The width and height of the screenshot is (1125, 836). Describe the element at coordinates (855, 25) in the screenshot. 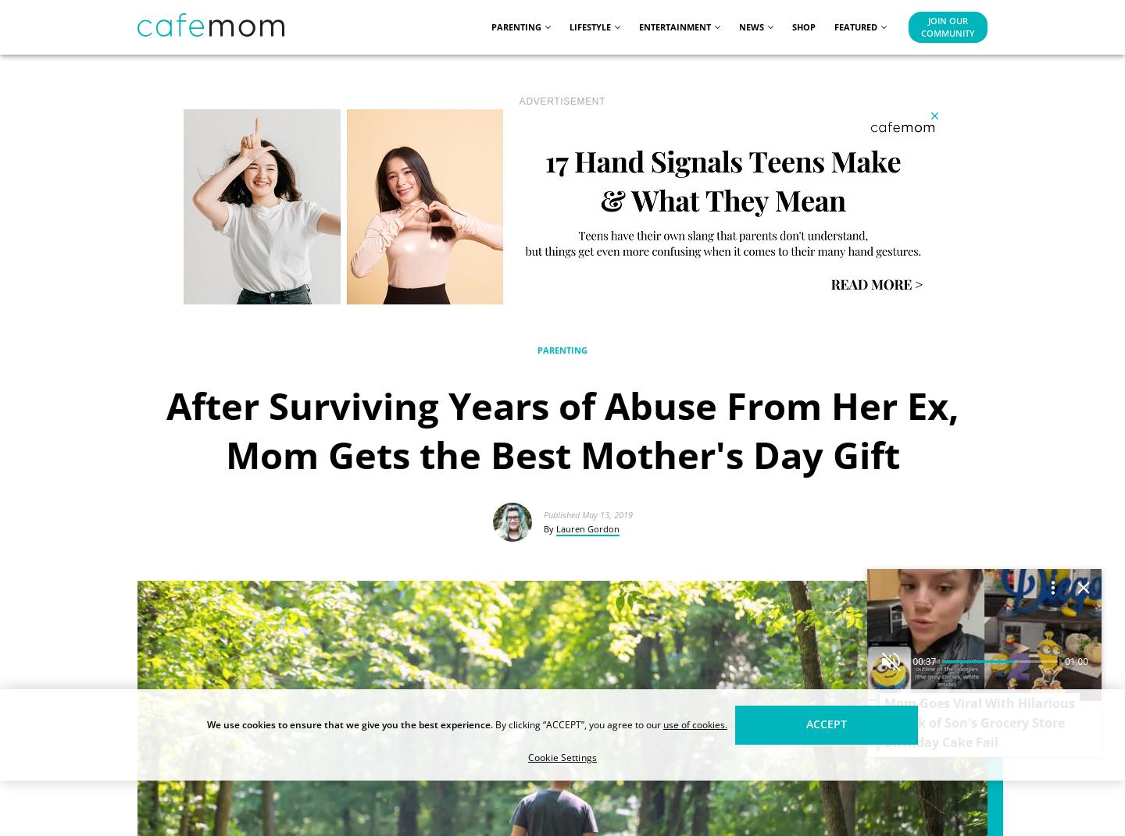

I see `'Featured'` at that location.